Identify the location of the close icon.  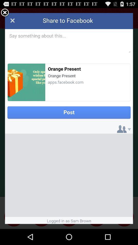
(5, 14).